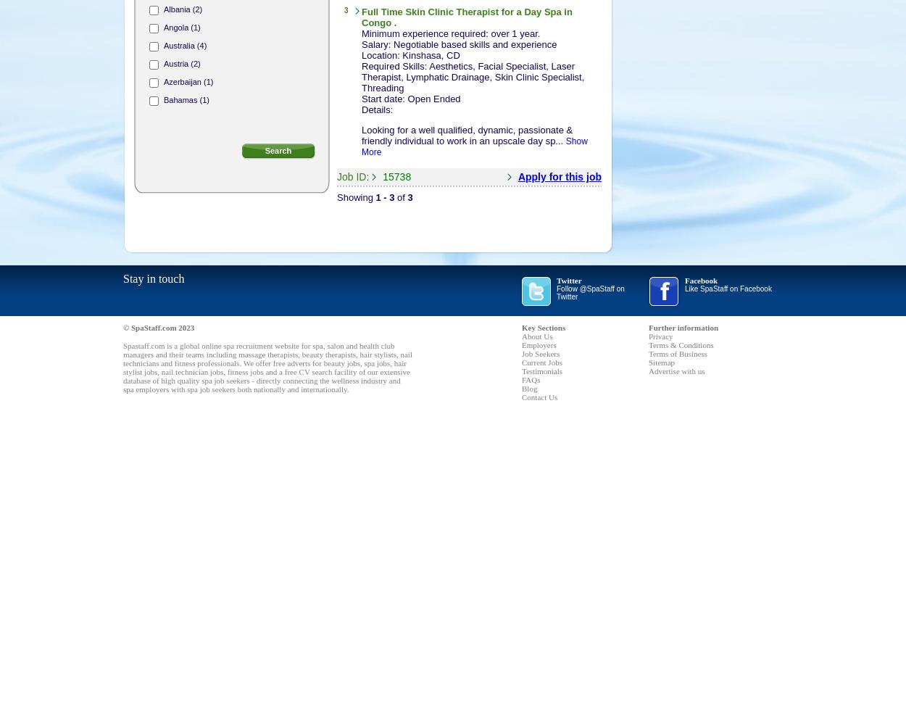  What do you see at coordinates (197, 335) in the screenshot?
I see `'Czech Republic (2)'` at bounding box center [197, 335].